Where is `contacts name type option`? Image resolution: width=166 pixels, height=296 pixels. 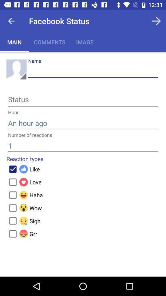 contacts name type option is located at coordinates (93, 72).